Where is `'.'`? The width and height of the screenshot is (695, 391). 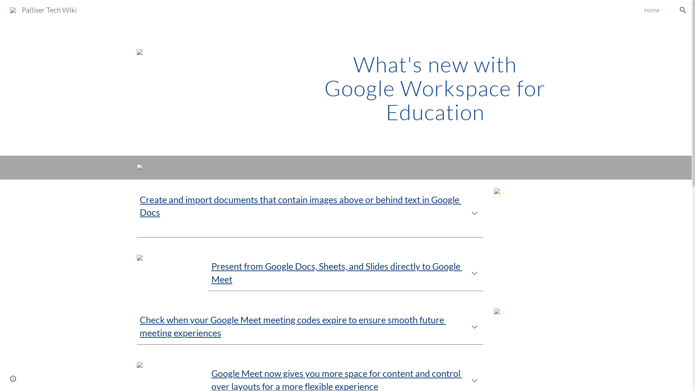
'.' is located at coordinates (669, 10).